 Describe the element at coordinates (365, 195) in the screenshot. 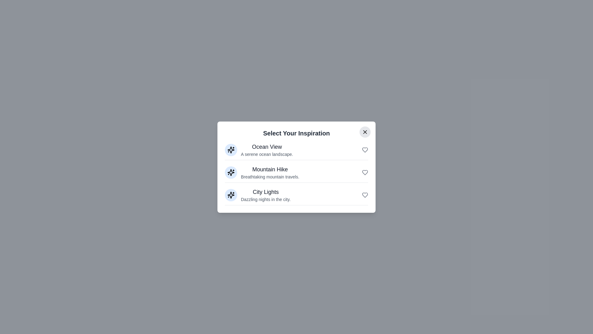

I see `the heart icon next to City Lights to toggle its favorite status` at that location.